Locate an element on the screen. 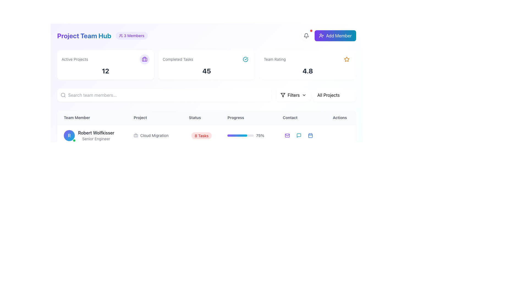  the messaging icon in the 'Contact' column associated with 'Robert Wolfkisser' is located at coordinates (299, 136).